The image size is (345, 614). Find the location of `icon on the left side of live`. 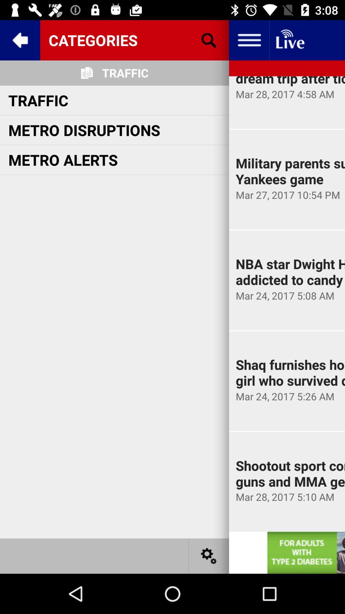

icon on the left side of live is located at coordinates (249, 40).